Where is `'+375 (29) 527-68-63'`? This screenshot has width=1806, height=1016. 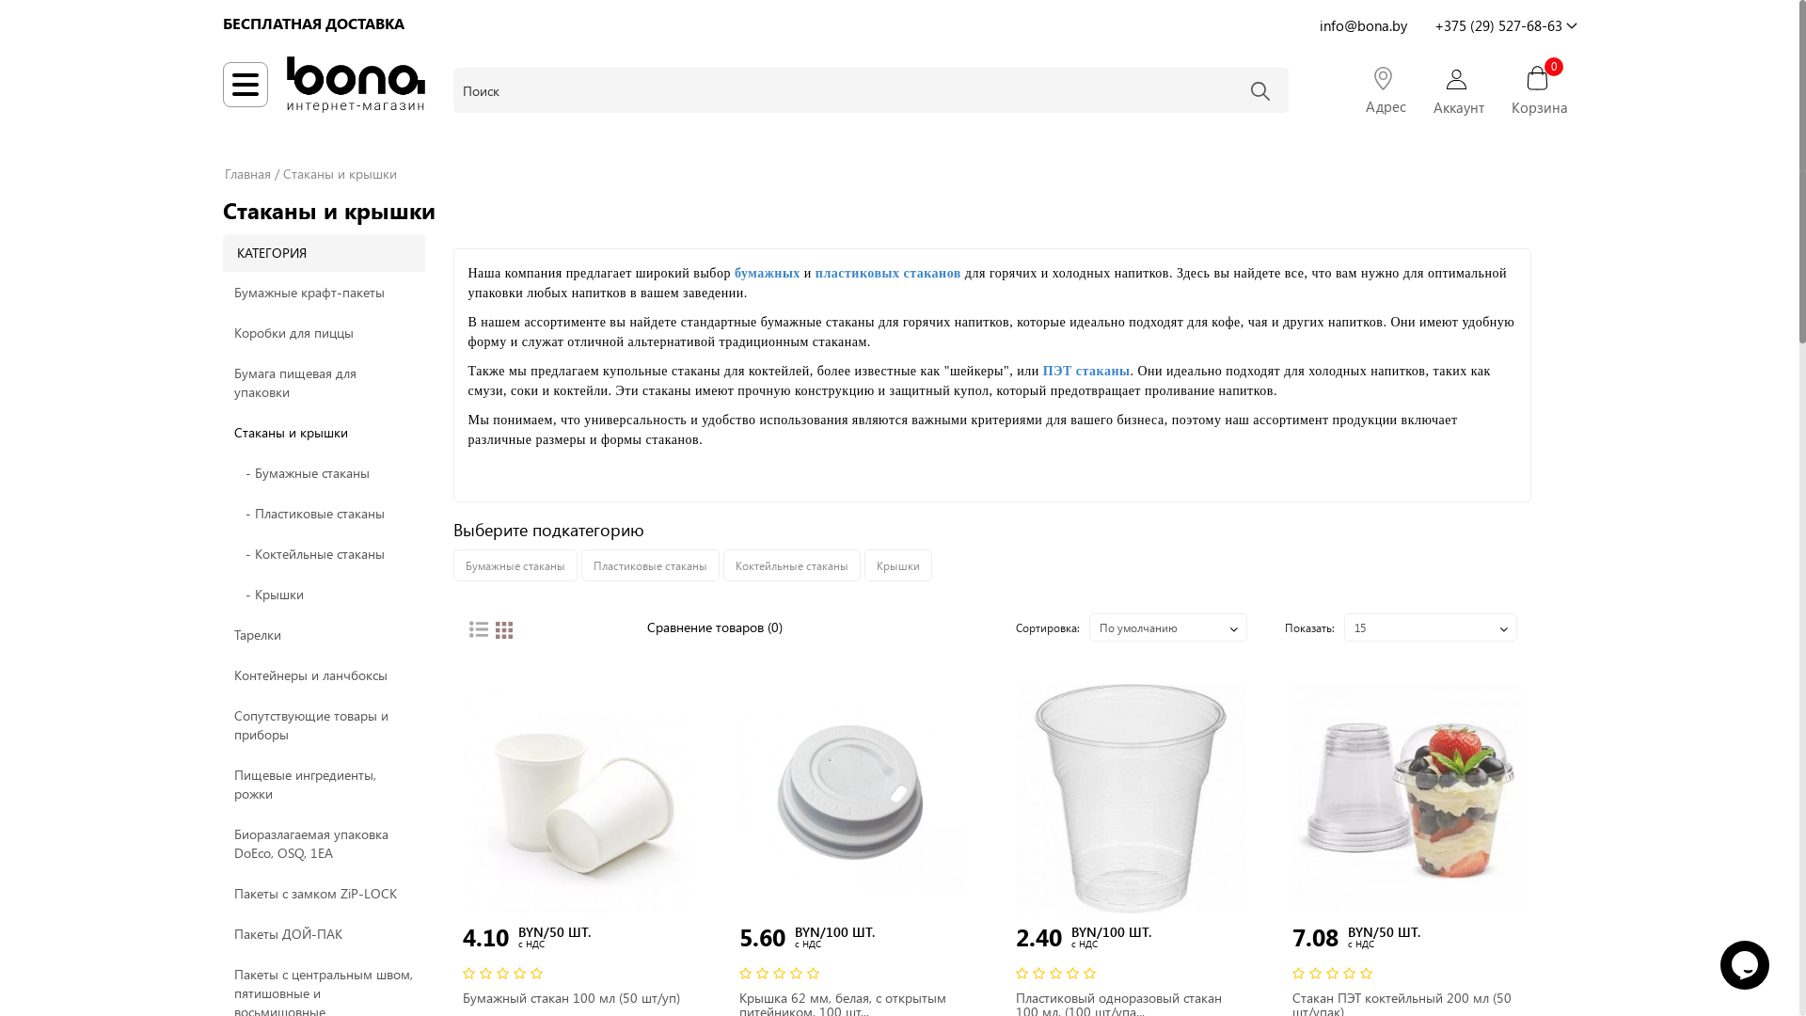
'+375 (29) 527-68-63' is located at coordinates (1503, 23).